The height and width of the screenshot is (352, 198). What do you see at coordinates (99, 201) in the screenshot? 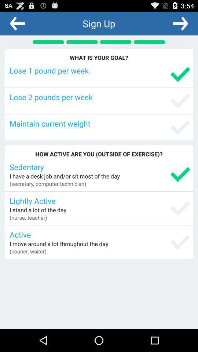
I see `the lightly active app` at bounding box center [99, 201].